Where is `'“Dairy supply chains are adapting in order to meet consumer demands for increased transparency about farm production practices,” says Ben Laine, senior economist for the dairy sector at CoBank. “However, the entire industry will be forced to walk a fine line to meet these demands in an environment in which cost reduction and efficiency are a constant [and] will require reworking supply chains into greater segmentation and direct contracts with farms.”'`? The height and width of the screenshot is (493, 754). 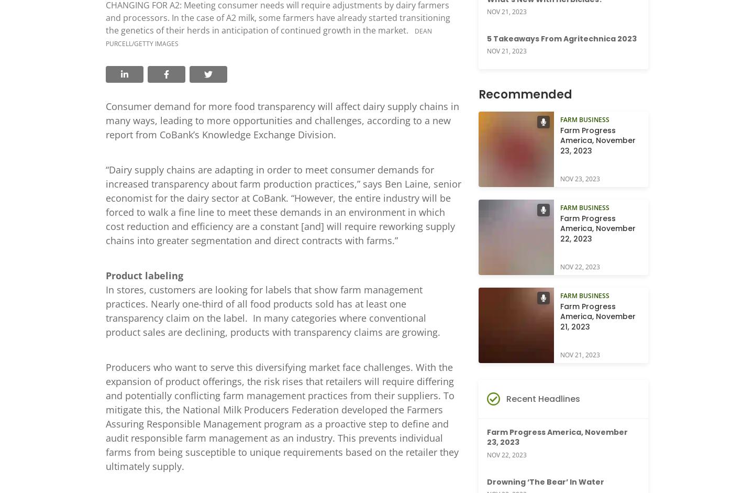
'“Dairy supply chains are adapting in order to meet consumer demands for increased transparency about farm production practices,” says Ben Laine, senior economist for the dairy sector at CoBank. “However, the entire industry will be forced to walk a fine line to meet these demands in an environment in which cost reduction and efficiency are a constant [and] will require reworking supply chains into greater segmentation and direct contracts with farms.”' is located at coordinates (283, 204).